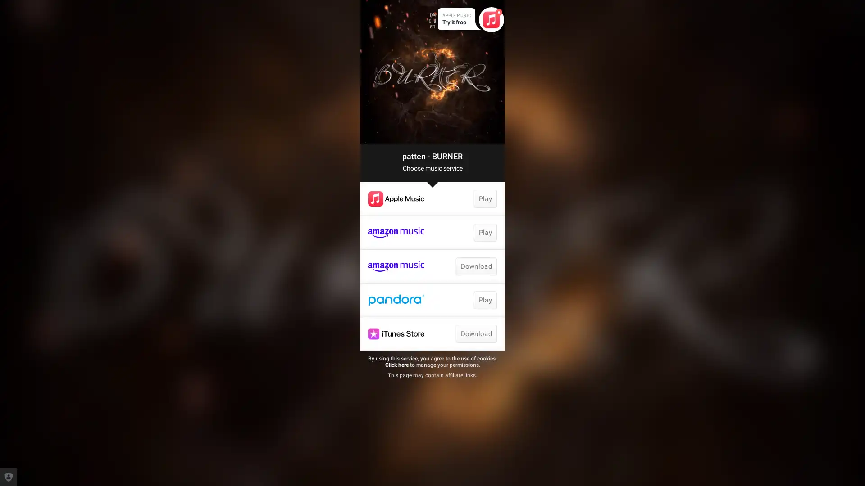 This screenshot has width=865, height=486. I want to click on Play, so click(484, 300).